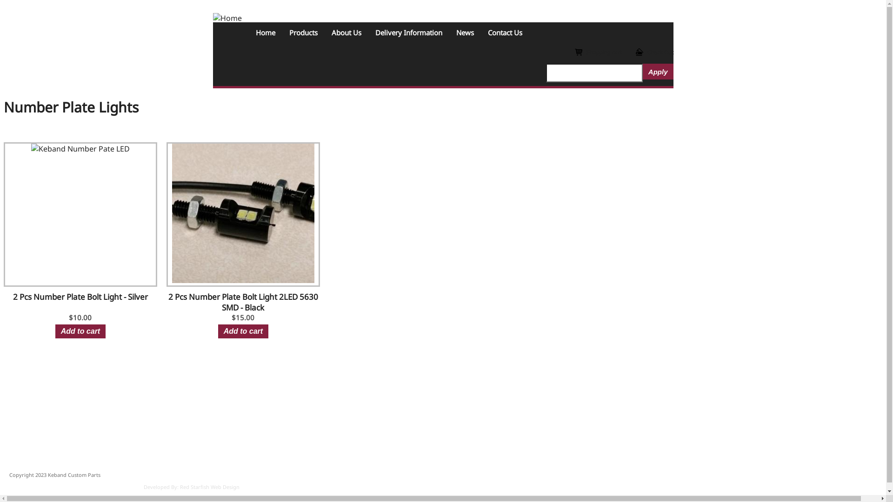  Describe the element at coordinates (658, 71) in the screenshot. I see `'Apply'` at that location.